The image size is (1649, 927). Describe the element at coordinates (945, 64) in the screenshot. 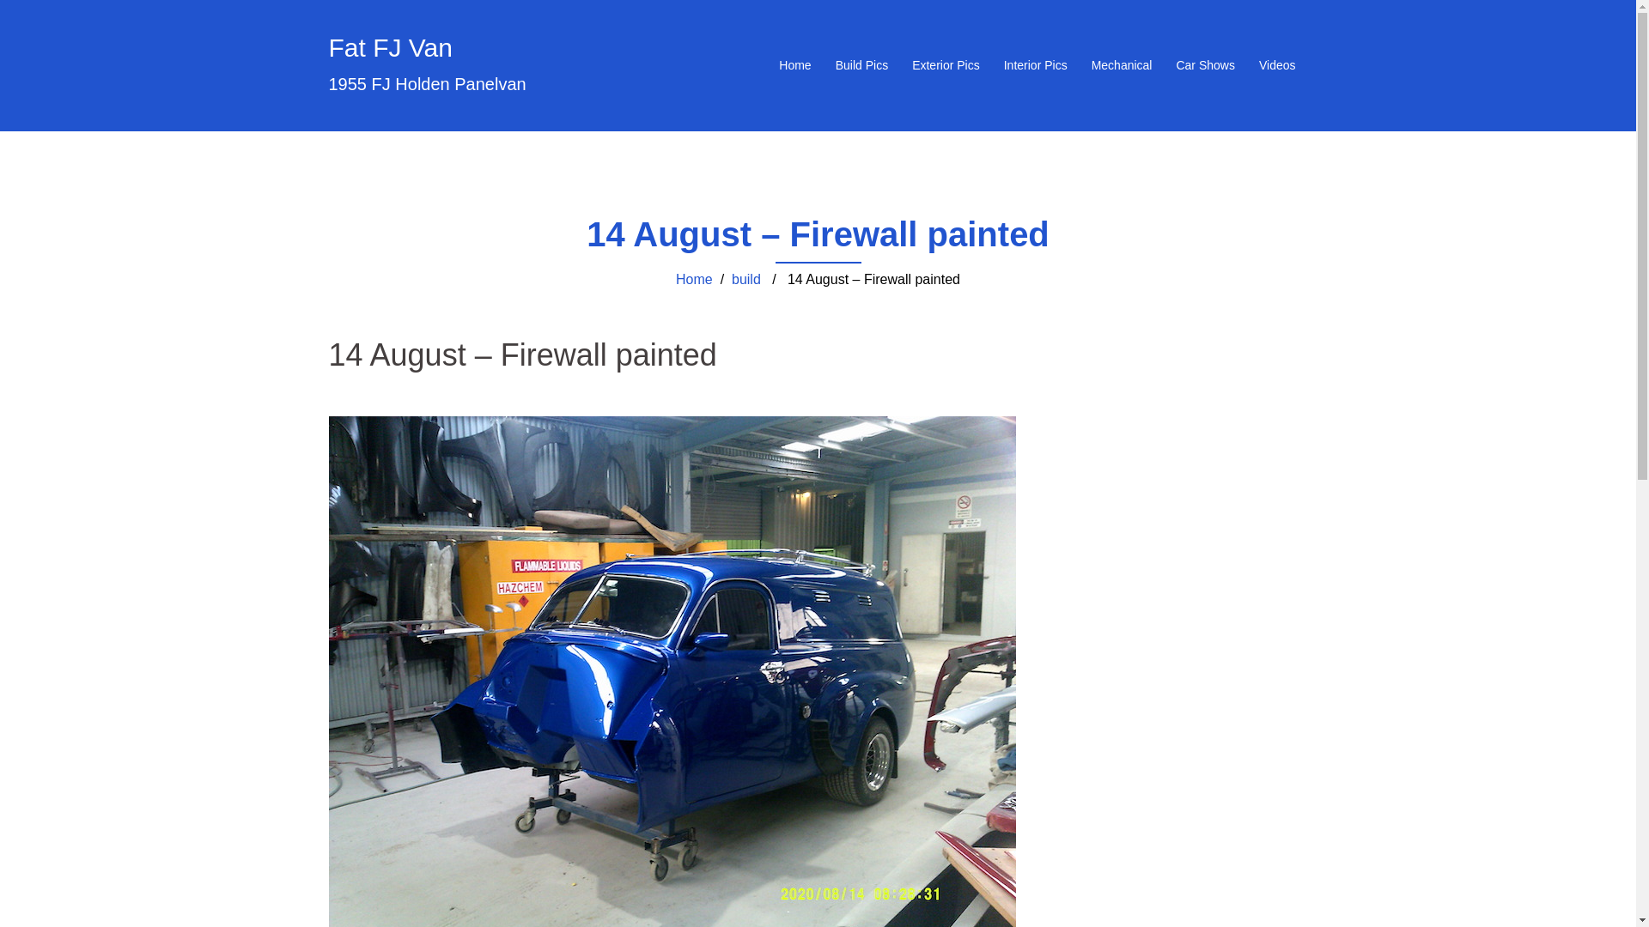

I see `'Exterior Pics'` at that location.